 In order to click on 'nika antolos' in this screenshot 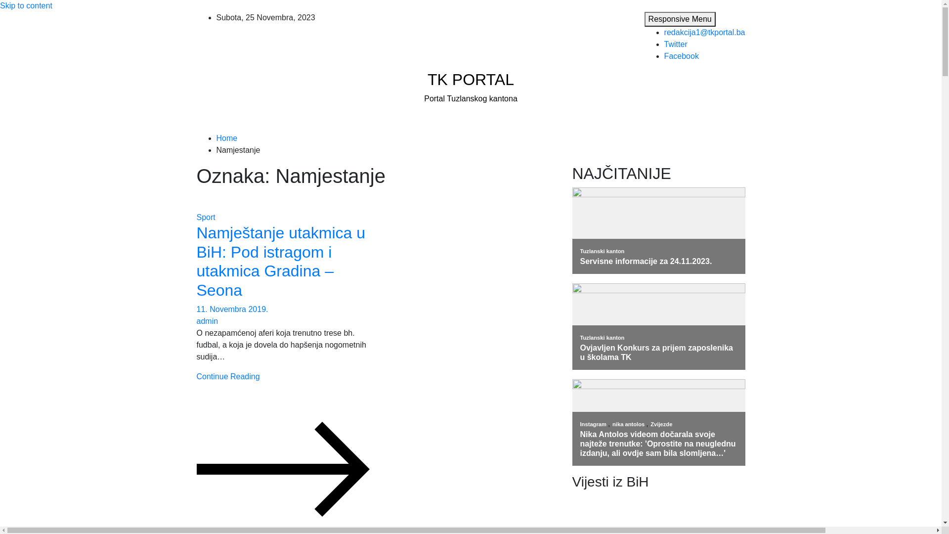, I will do `click(628, 423)`.